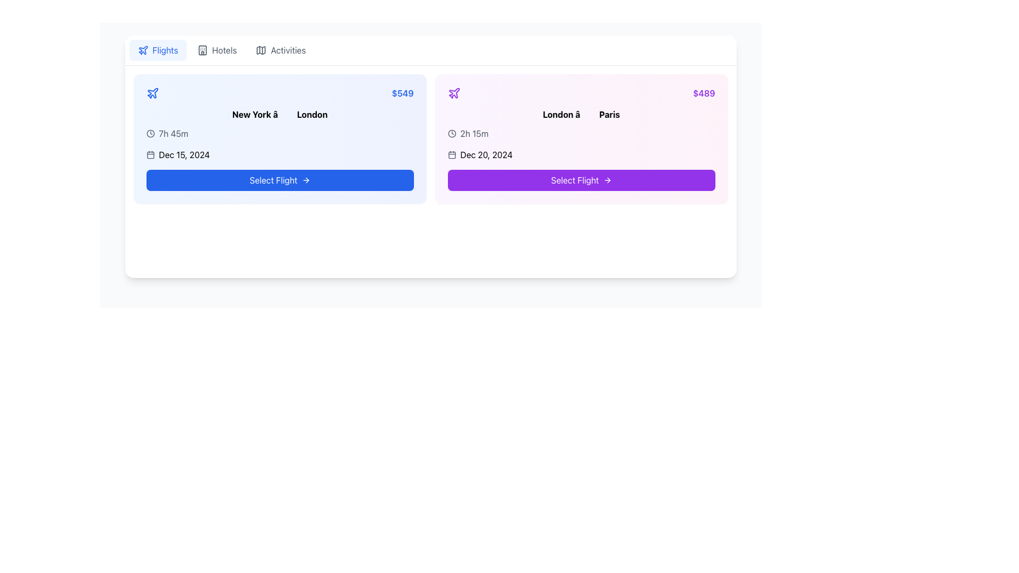  Describe the element at coordinates (223, 50) in the screenshot. I see `the 'Hotels' text label in the navigation menu` at that location.